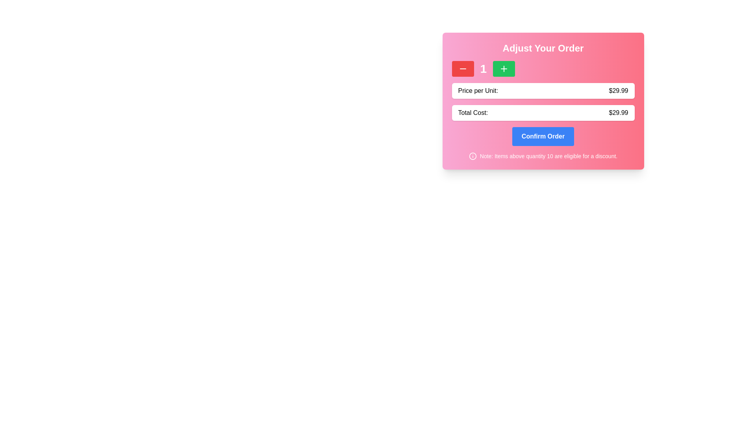 This screenshot has width=756, height=425. I want to click on the confirmation button located centrally below the 'Total Cost' information to confirm the order, so click(543, 136).